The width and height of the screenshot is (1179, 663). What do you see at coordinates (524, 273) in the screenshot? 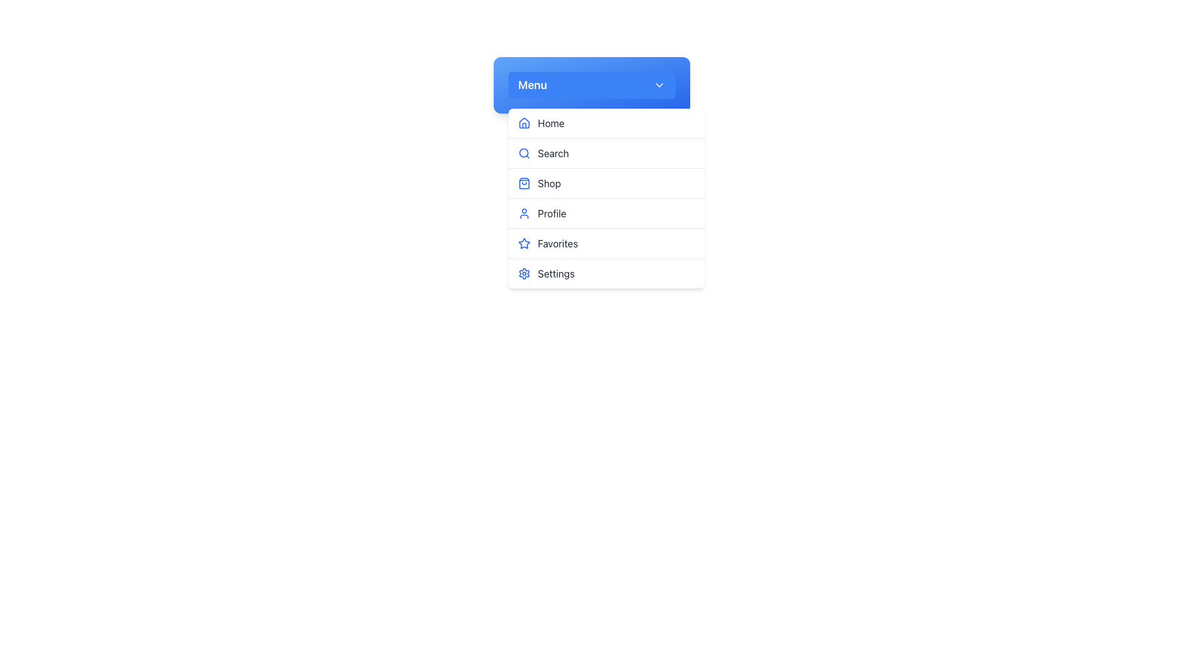
I see `the small blue gear icon located to the left of the 'Settings' menu option in the dropdown` at bounding box center [524, 273].